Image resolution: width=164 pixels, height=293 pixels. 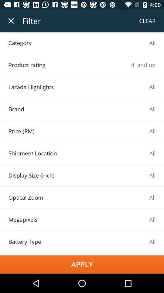 What do you see at coordinates (11, 21) in the screenshot?
I see `the icon next to filter` at bounding box center [11, 21].